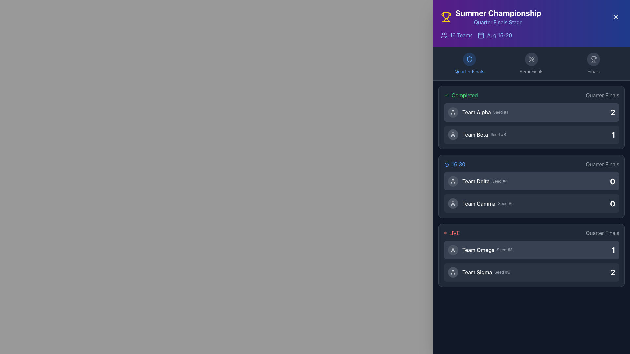  What do you see at coordinates (453, 250) in the screenshot?
I see `the avatar icon representing 'Team Omega' in the 'Live' quarter finals section, which is visually identifiable and positioned to the left of the team name` at bounding box center [453, 250].